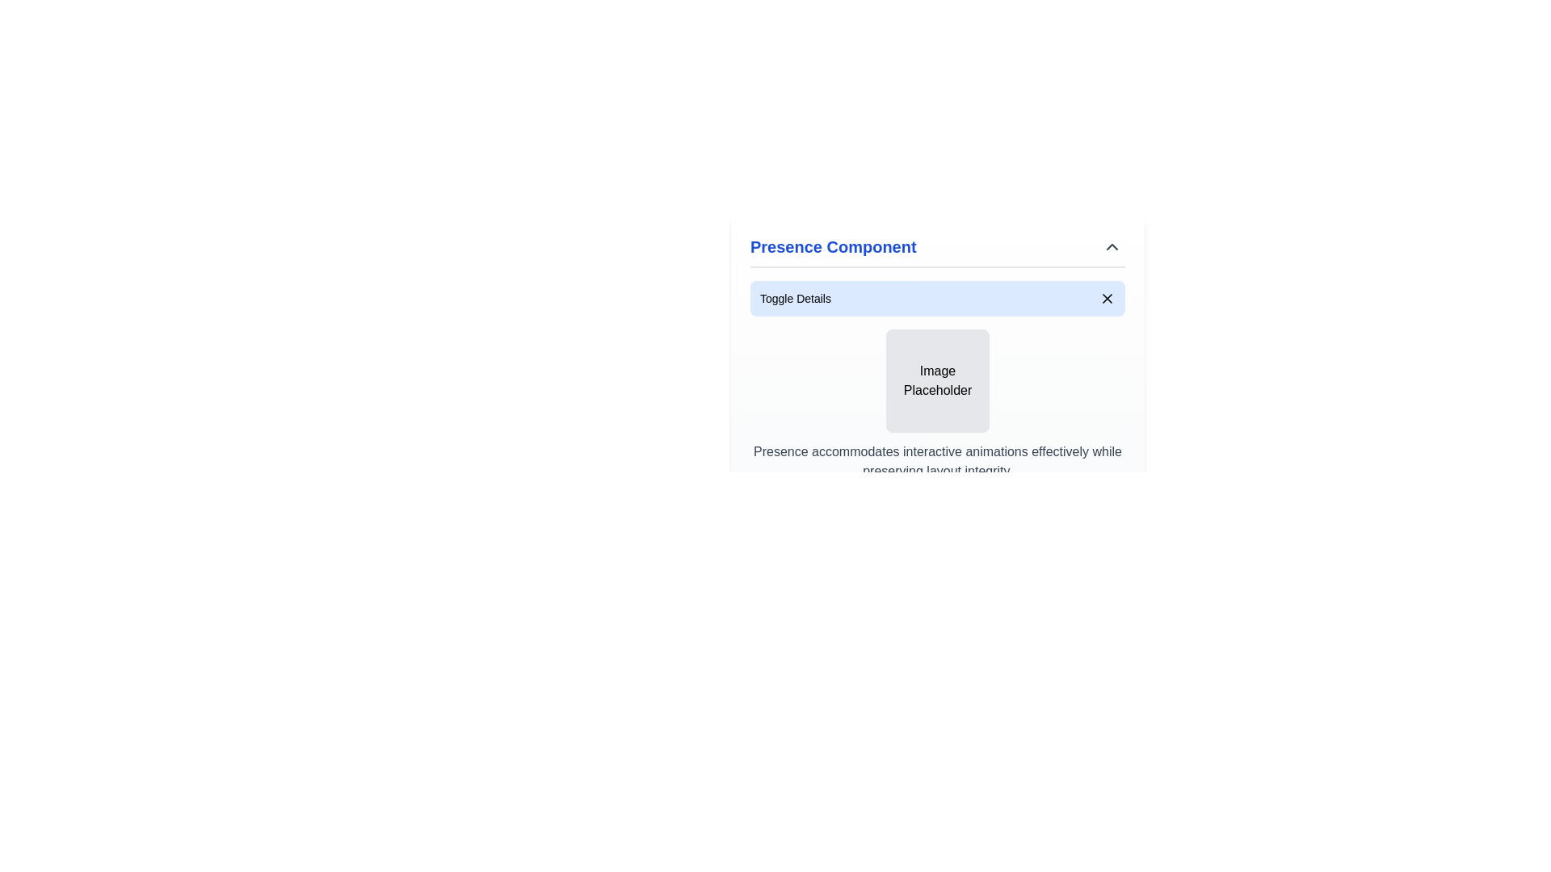  Describe the element at coordinates (938, 380) in the screenshot. I see `the image placeholder located centrally below the 'Toggle Details' bar and above the explanation text` at that location.